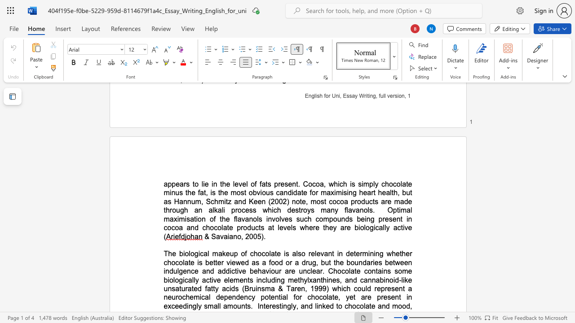 The image size is (575, 323). What do you see at coordinates (310, 183) in the screenshot?
I see `the 3th character "o" in the text` at bounding box center [310, 183].